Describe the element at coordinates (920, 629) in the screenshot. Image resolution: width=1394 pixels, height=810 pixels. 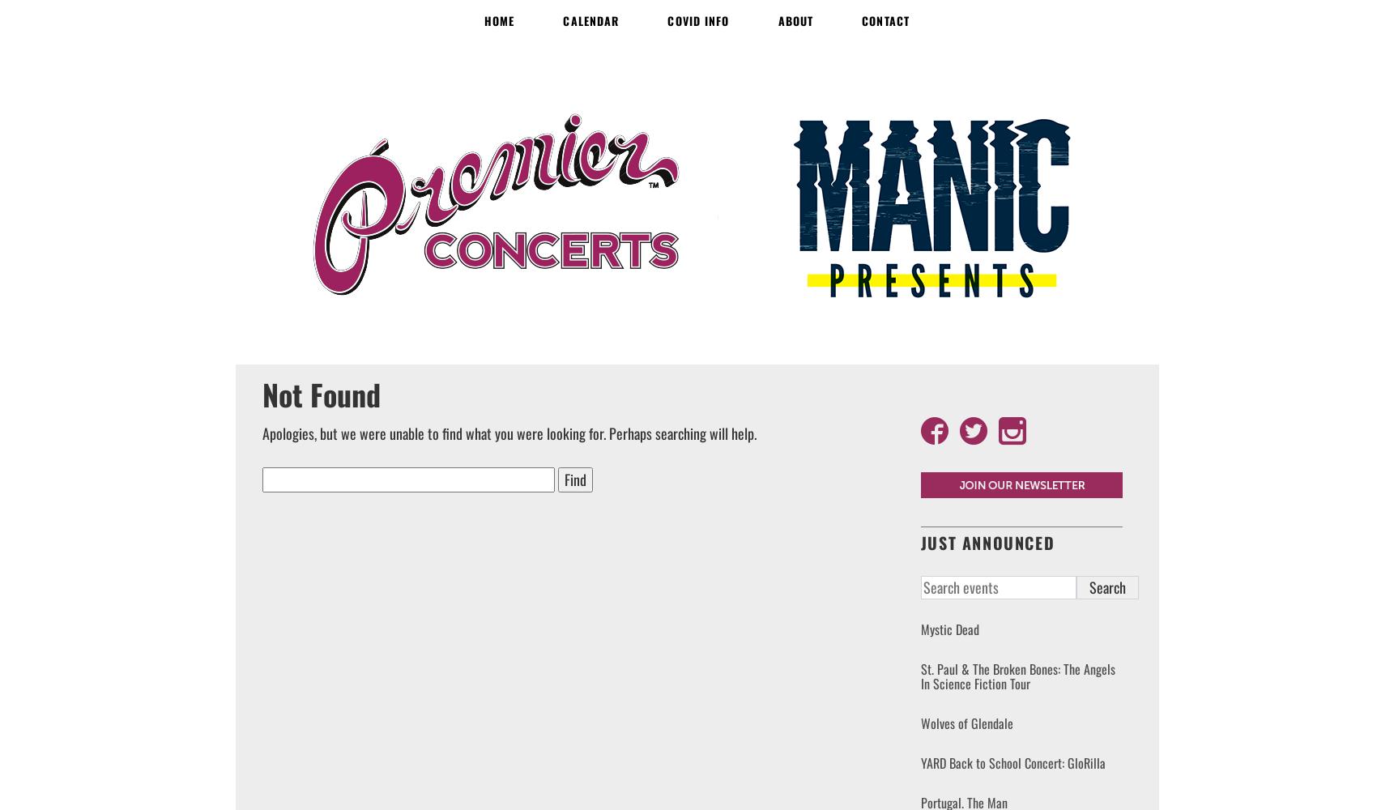
I see `'Mystic Dead'` at that location.